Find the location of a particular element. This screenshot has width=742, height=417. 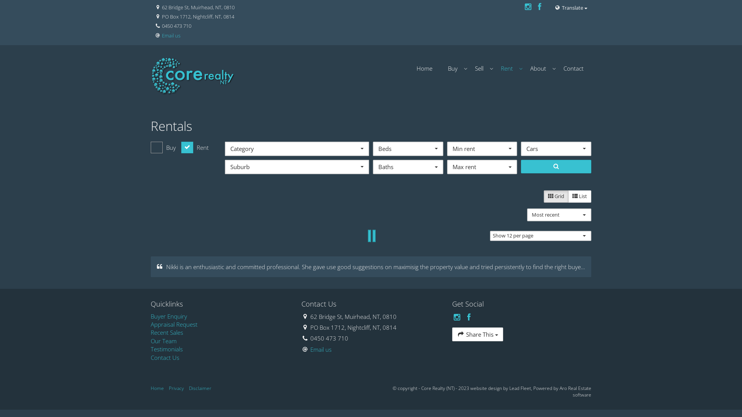

'Max rent is located at coordinates (482, 166).